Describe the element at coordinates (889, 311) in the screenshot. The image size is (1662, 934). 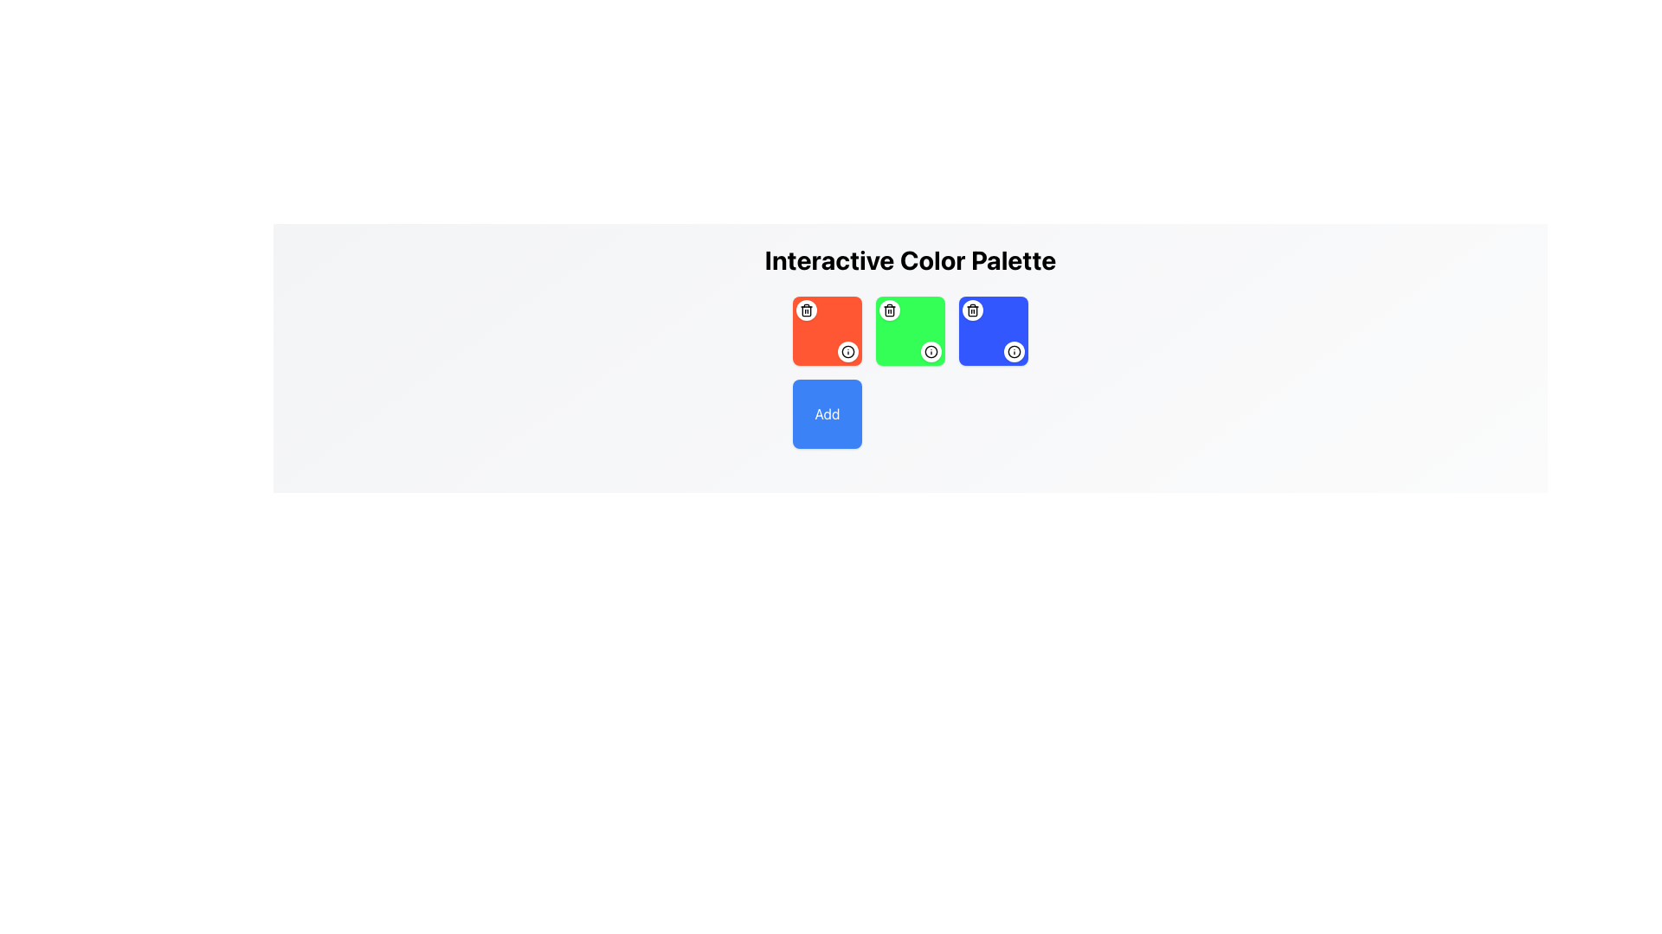
I see `the central rectangular body of the trash can icon within the green square of the color palette interface` at that location.